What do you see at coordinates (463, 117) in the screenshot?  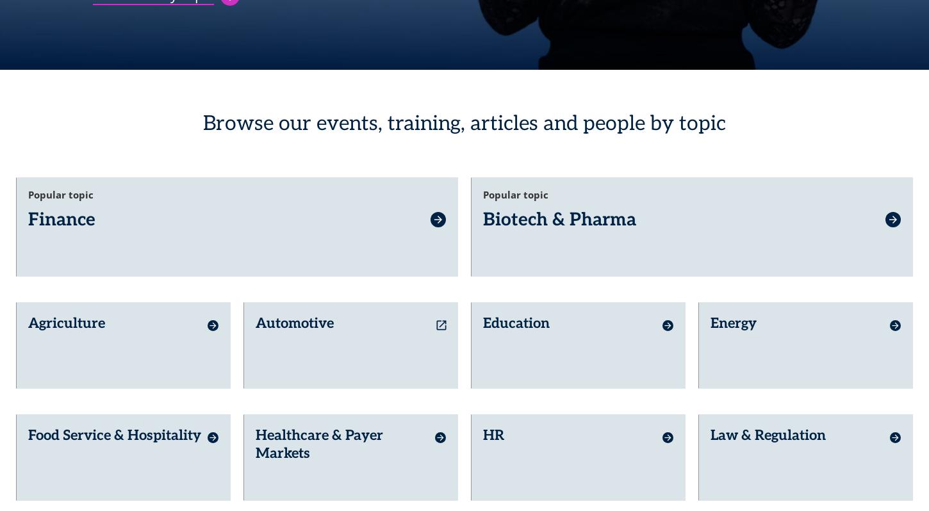 I see `'Browse our events, training, articles and people by topic'` at bounding box center [463, 117].